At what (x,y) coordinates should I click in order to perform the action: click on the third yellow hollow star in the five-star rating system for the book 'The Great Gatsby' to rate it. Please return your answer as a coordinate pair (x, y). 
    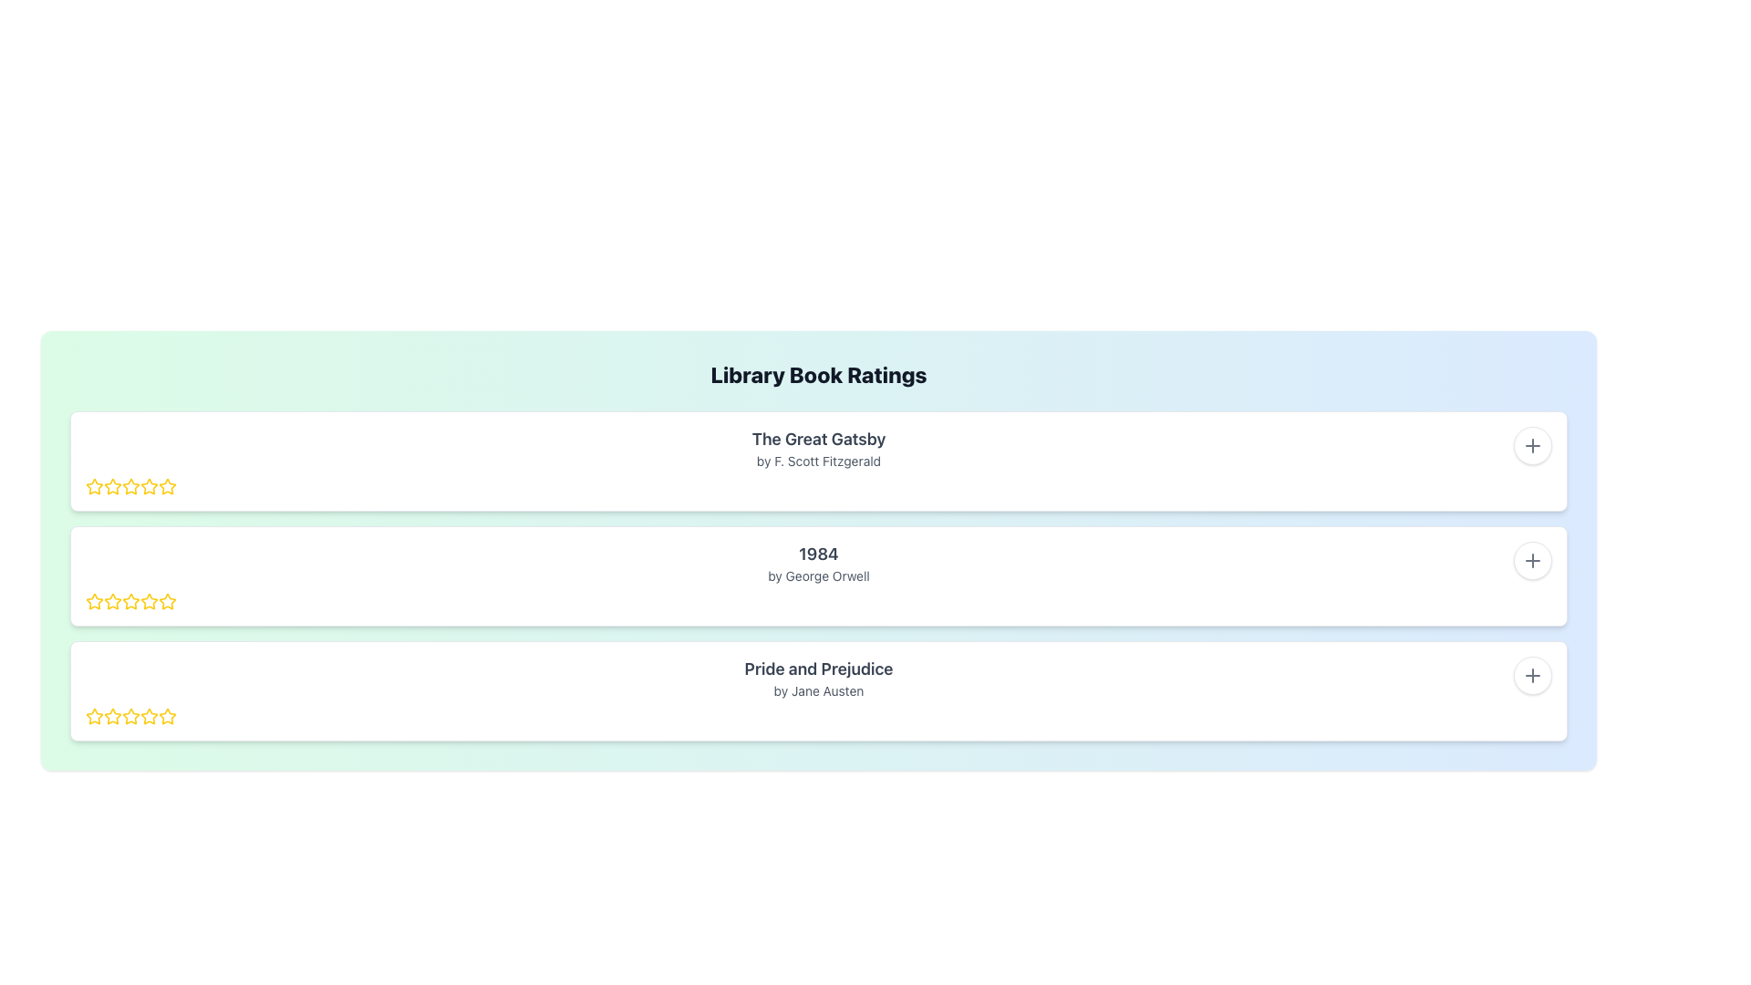
    Looking at the image, I should click on (130, 485).